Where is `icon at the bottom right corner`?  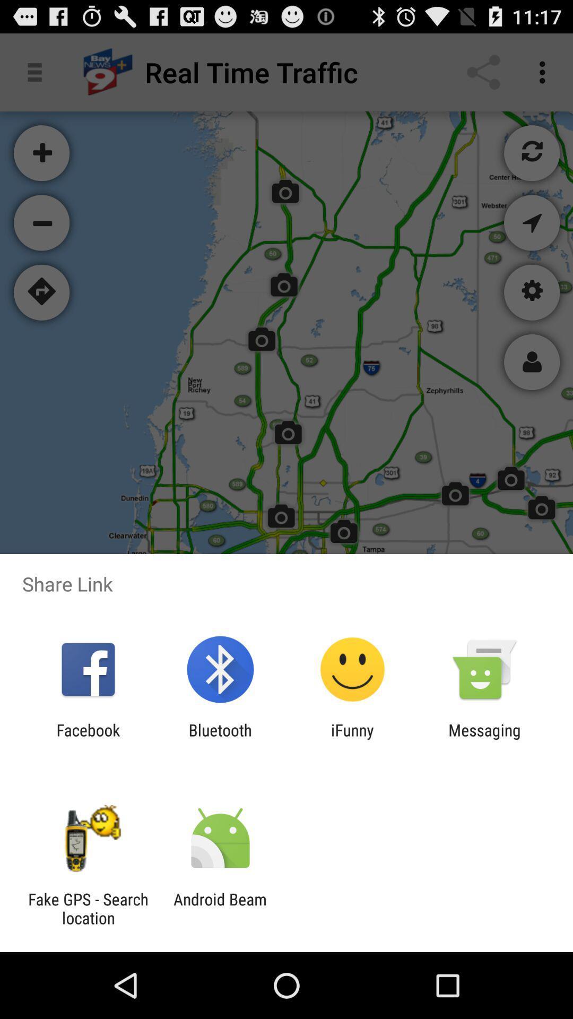
icon at the bottom right corner is located at coordinates (484, 739).